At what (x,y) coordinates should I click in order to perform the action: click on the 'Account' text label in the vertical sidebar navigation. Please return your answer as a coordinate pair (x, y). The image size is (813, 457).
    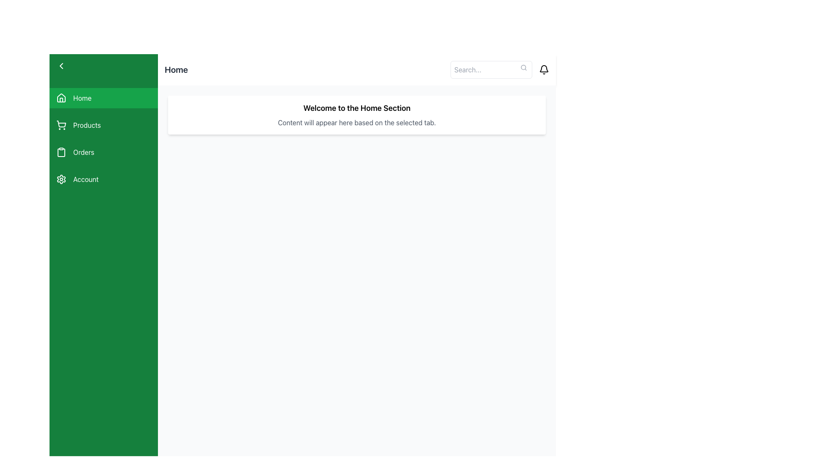
    Looking at the image, I should click on (86, 179).